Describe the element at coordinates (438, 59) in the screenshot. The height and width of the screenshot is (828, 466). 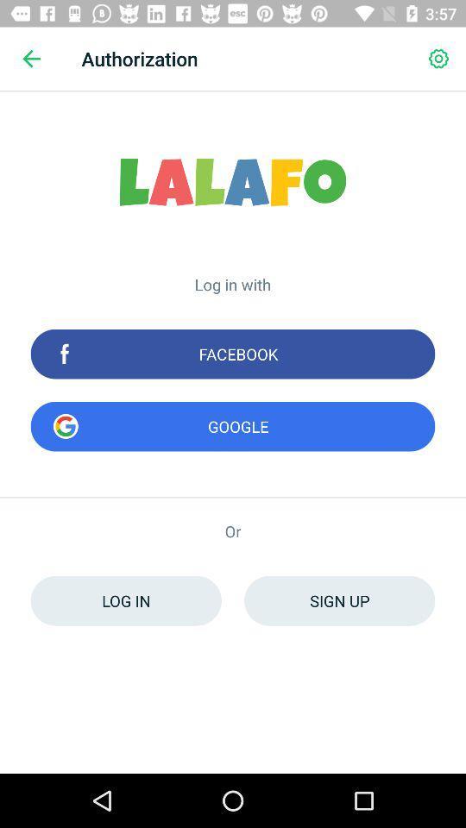
I see `the icon at the top right corner` at that location.